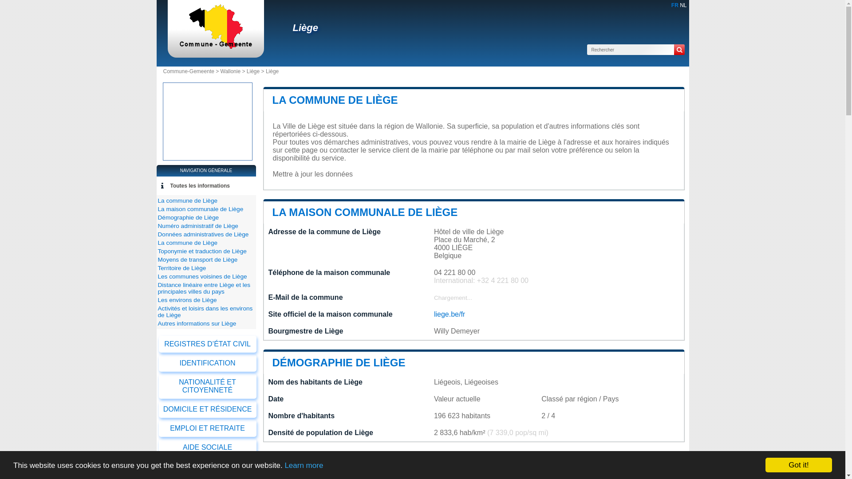  Describe the element at coordinates (434, 314) in the screenshot. I see `'liege.be/fr'` at that location.